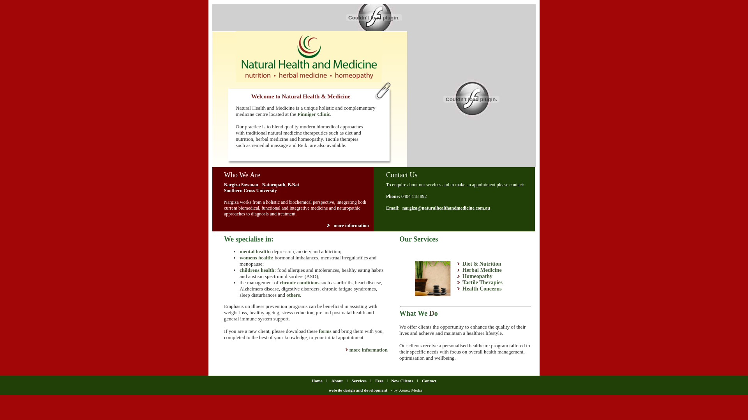  I want to click on 'Services', so click(358, 380).